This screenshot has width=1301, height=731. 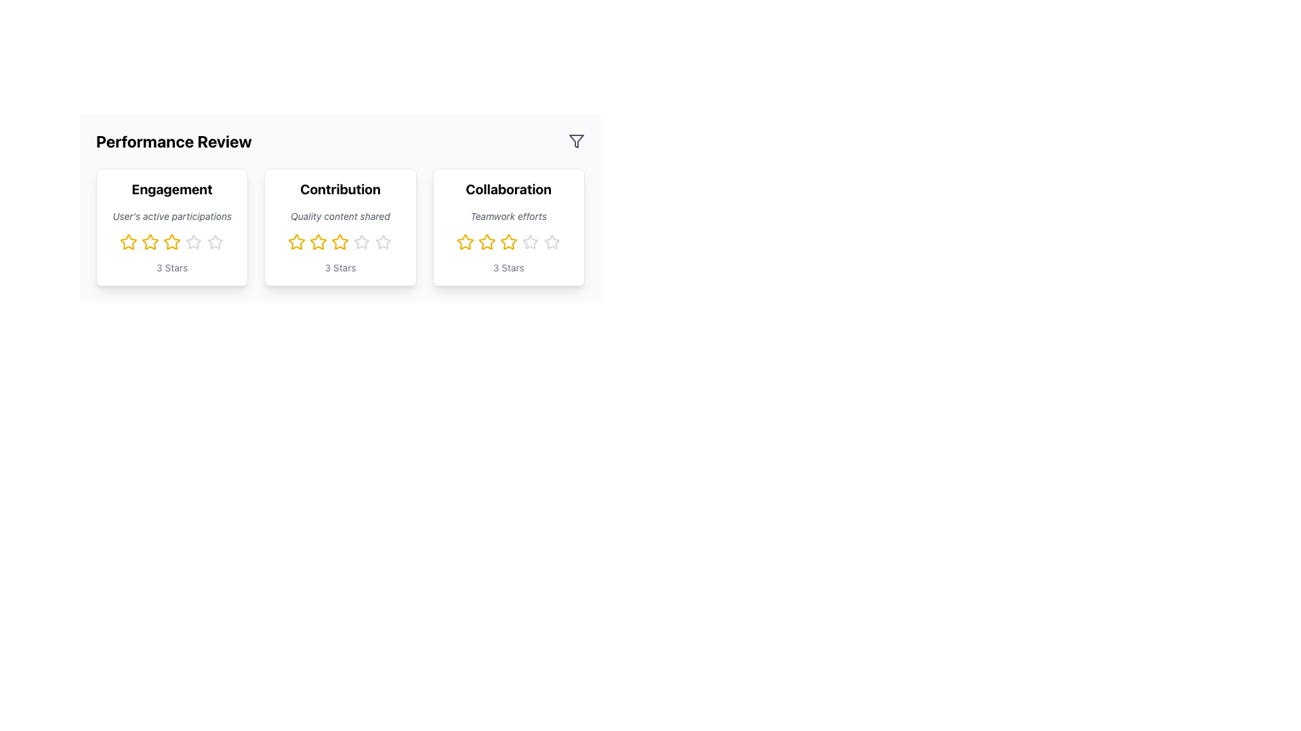 What do you see at coordinates (150, 241) in the screenshot?
I see `the second yellow hollow star icon in the rating system under the 'Engagement' card` at bounding box center [150, 241].